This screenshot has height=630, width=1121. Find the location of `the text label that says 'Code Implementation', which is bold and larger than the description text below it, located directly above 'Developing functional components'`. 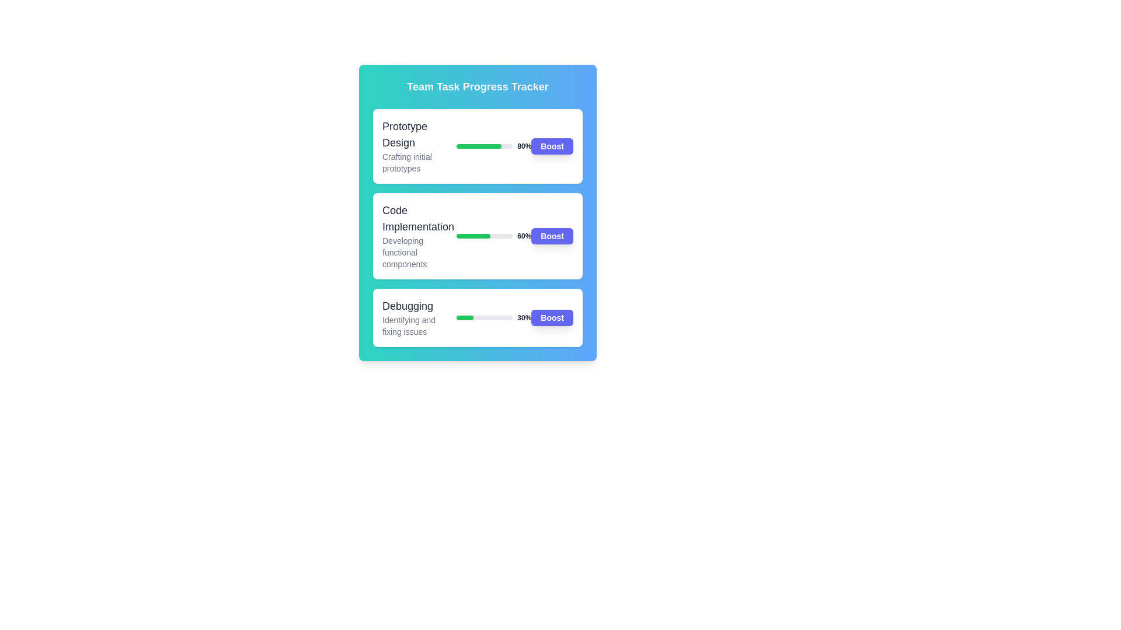

the text label that says 'Code Implementation', which is bold and larger than the description text below it, located directly above 'Developing functional components' is located at coordinates (419, 218).